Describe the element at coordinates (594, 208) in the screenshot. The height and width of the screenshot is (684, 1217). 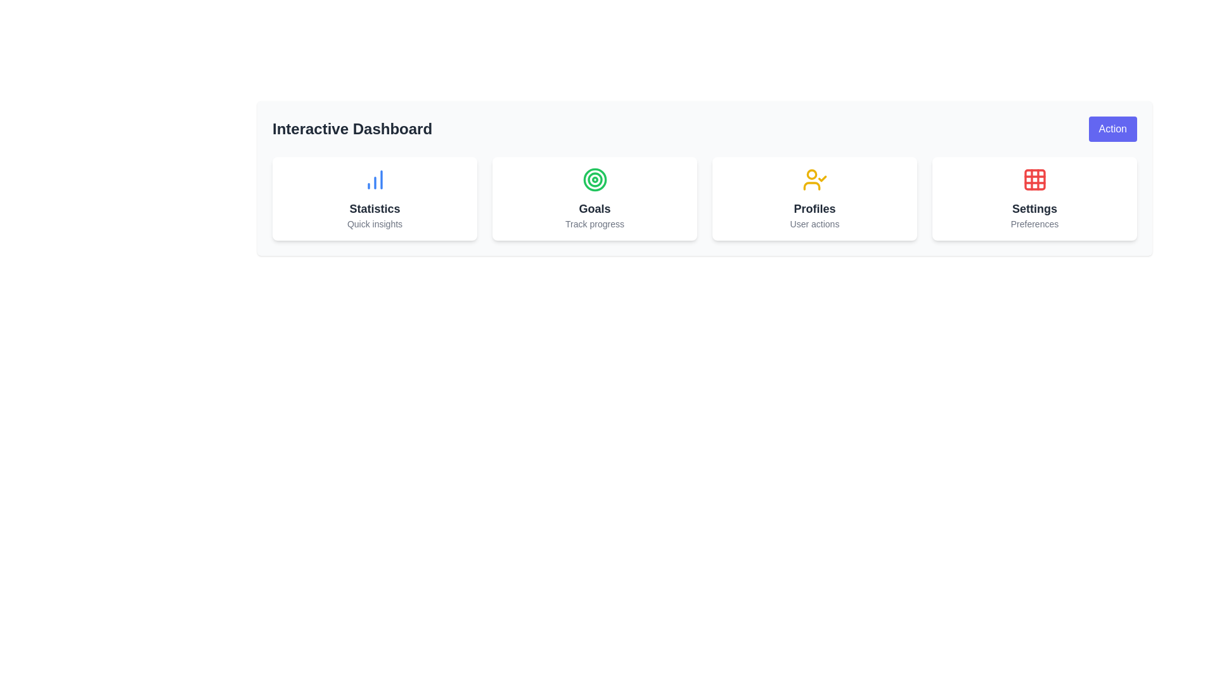
I see `text label stating 'Goals', which is styled in a large, bold font and is dark gray, located in the central card below an icon` at that location.